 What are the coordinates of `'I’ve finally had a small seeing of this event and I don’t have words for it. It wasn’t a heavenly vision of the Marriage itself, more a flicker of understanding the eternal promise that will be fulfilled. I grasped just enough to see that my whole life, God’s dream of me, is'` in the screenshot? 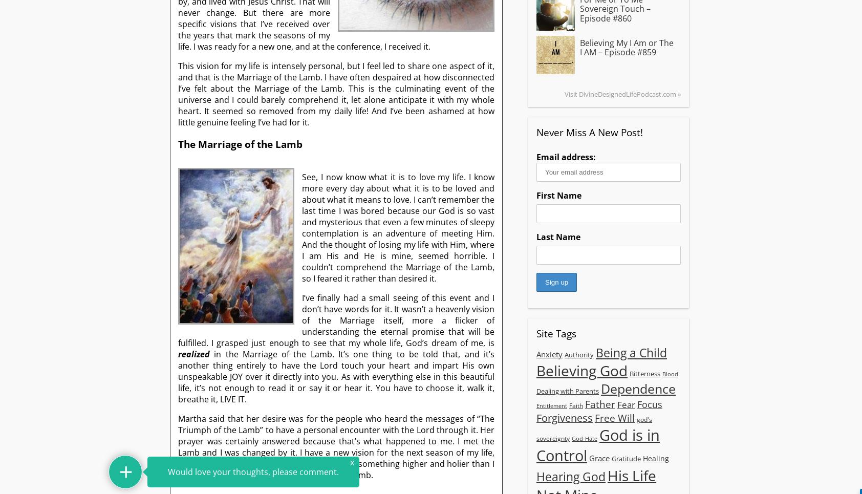 It's located at (336, 319).